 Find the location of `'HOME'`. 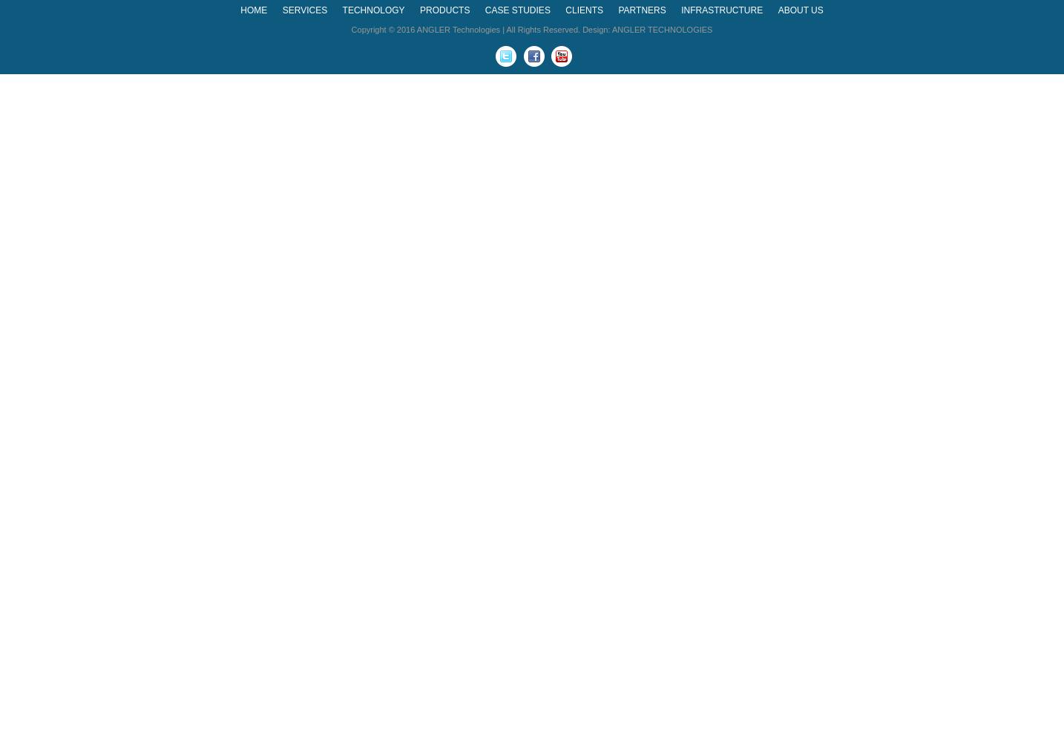

'HOME' is located at coordinates (253, 10).